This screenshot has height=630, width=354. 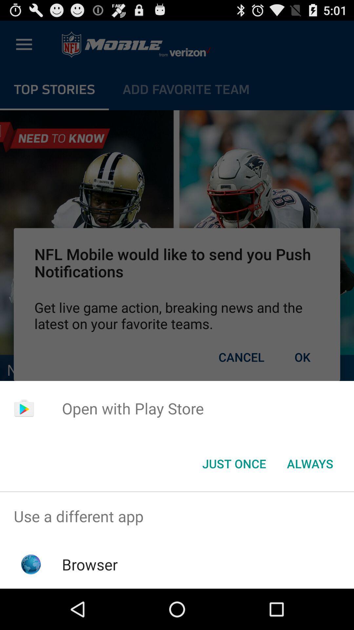 I want to click on the item above browser, so click(x=177, y=516).